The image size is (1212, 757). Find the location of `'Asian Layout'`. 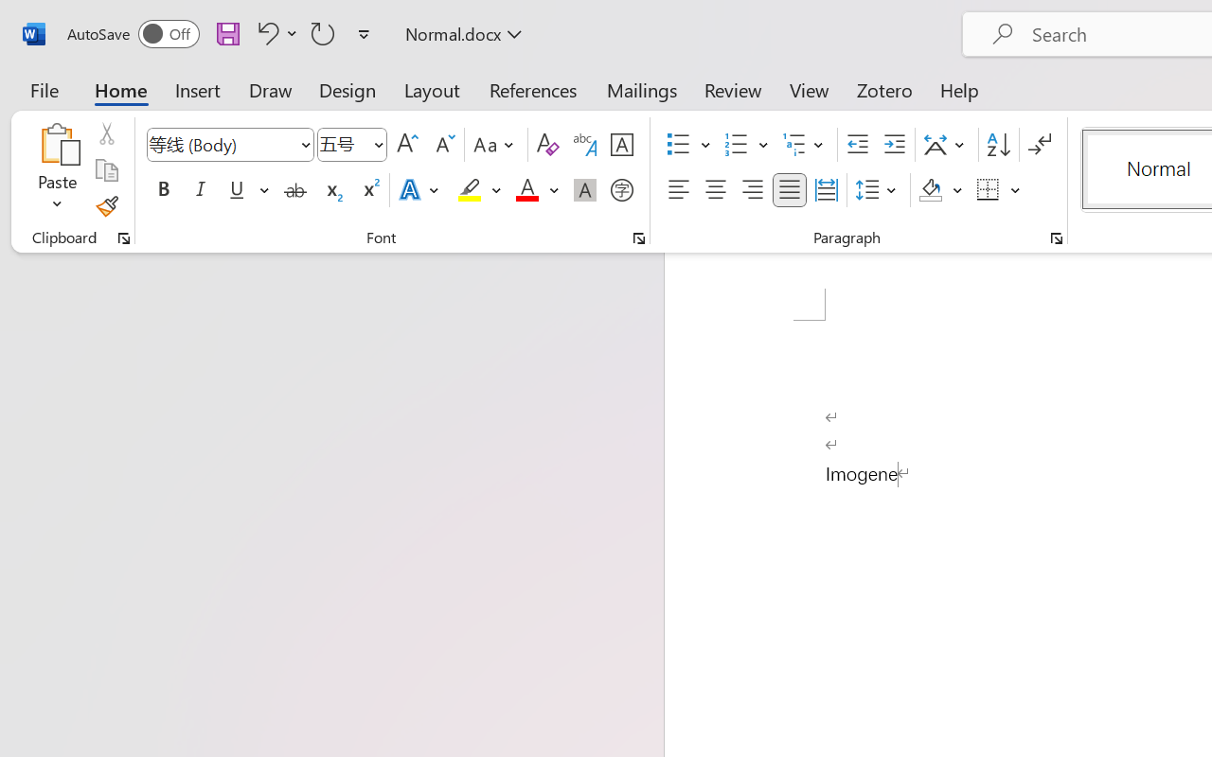

'Asian Layout' is located at coordinates (947, 145).